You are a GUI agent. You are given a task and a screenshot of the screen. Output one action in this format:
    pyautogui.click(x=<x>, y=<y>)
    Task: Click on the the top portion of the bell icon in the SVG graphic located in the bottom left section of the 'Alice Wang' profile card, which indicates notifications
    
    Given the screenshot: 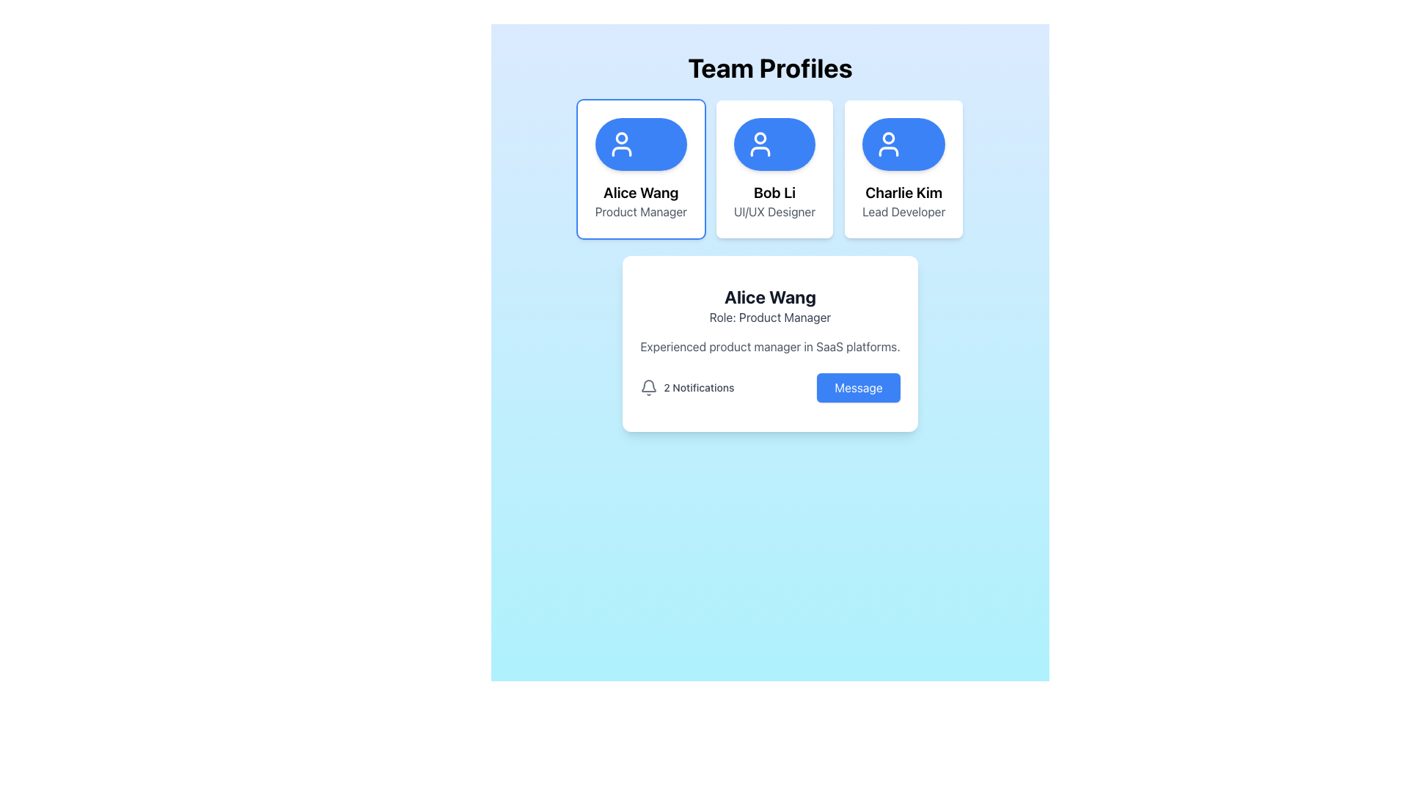 What is the action you would take?
    pyautogui.click(x=648, y=385)
    